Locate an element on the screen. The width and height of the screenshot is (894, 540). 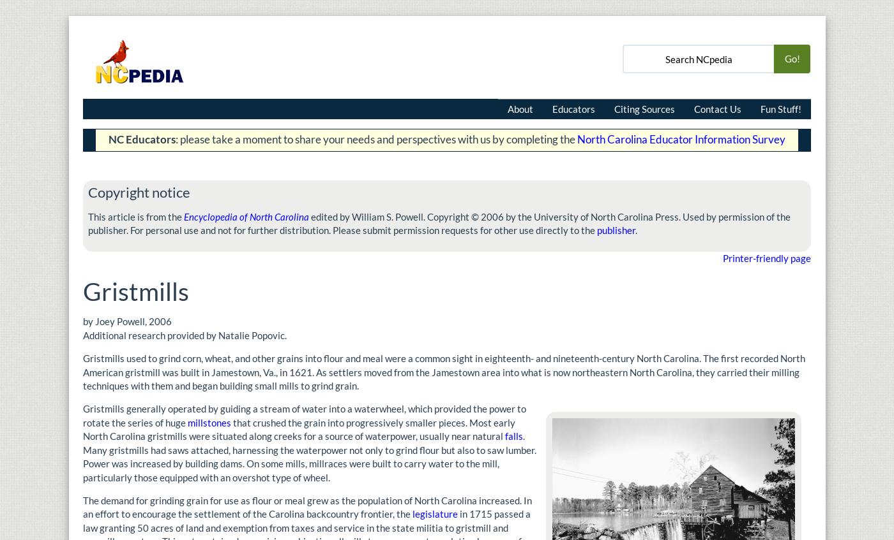
'millstones' is located at coordinates (209, 421).